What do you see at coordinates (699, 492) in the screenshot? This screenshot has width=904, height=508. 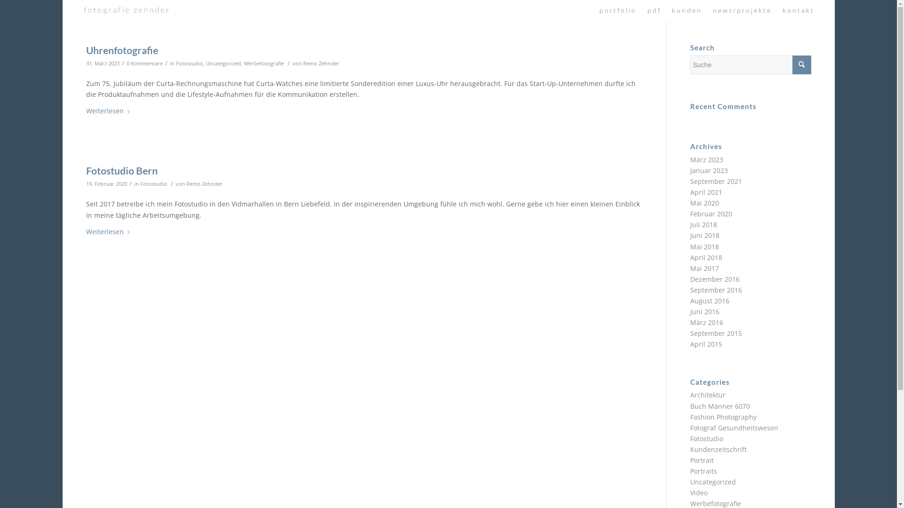 I see `'Video'` at bounding box center [699, 492].